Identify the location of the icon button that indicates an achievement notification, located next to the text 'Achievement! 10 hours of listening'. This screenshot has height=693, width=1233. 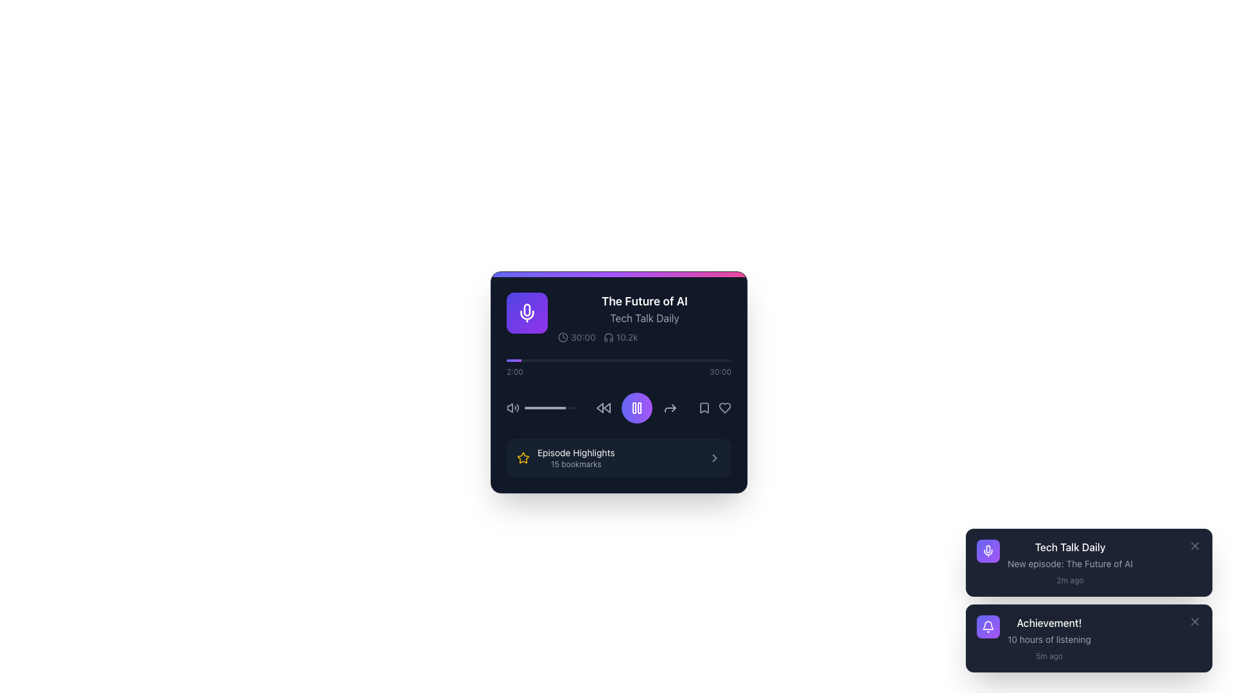
(988, 626).